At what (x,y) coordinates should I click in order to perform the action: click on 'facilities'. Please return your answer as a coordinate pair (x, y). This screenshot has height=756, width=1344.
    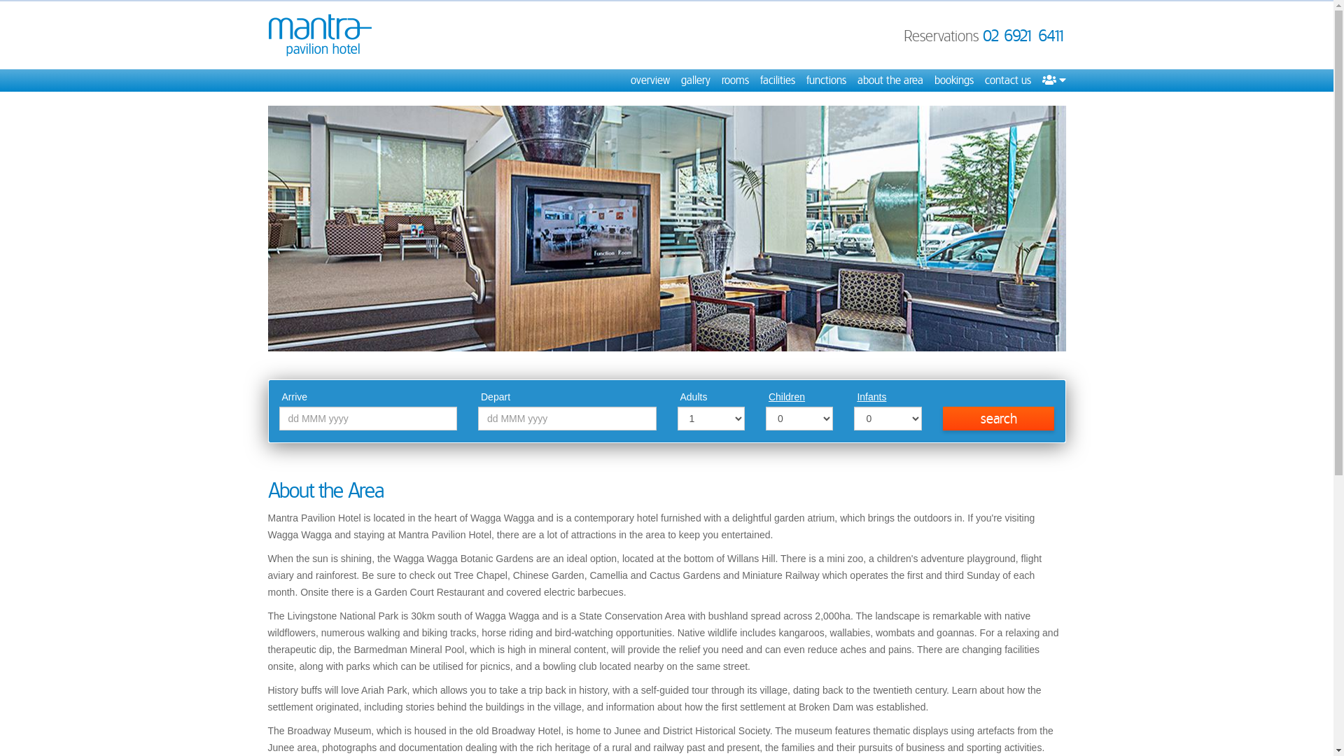
    Looking at the image, I should click on (776, 80).